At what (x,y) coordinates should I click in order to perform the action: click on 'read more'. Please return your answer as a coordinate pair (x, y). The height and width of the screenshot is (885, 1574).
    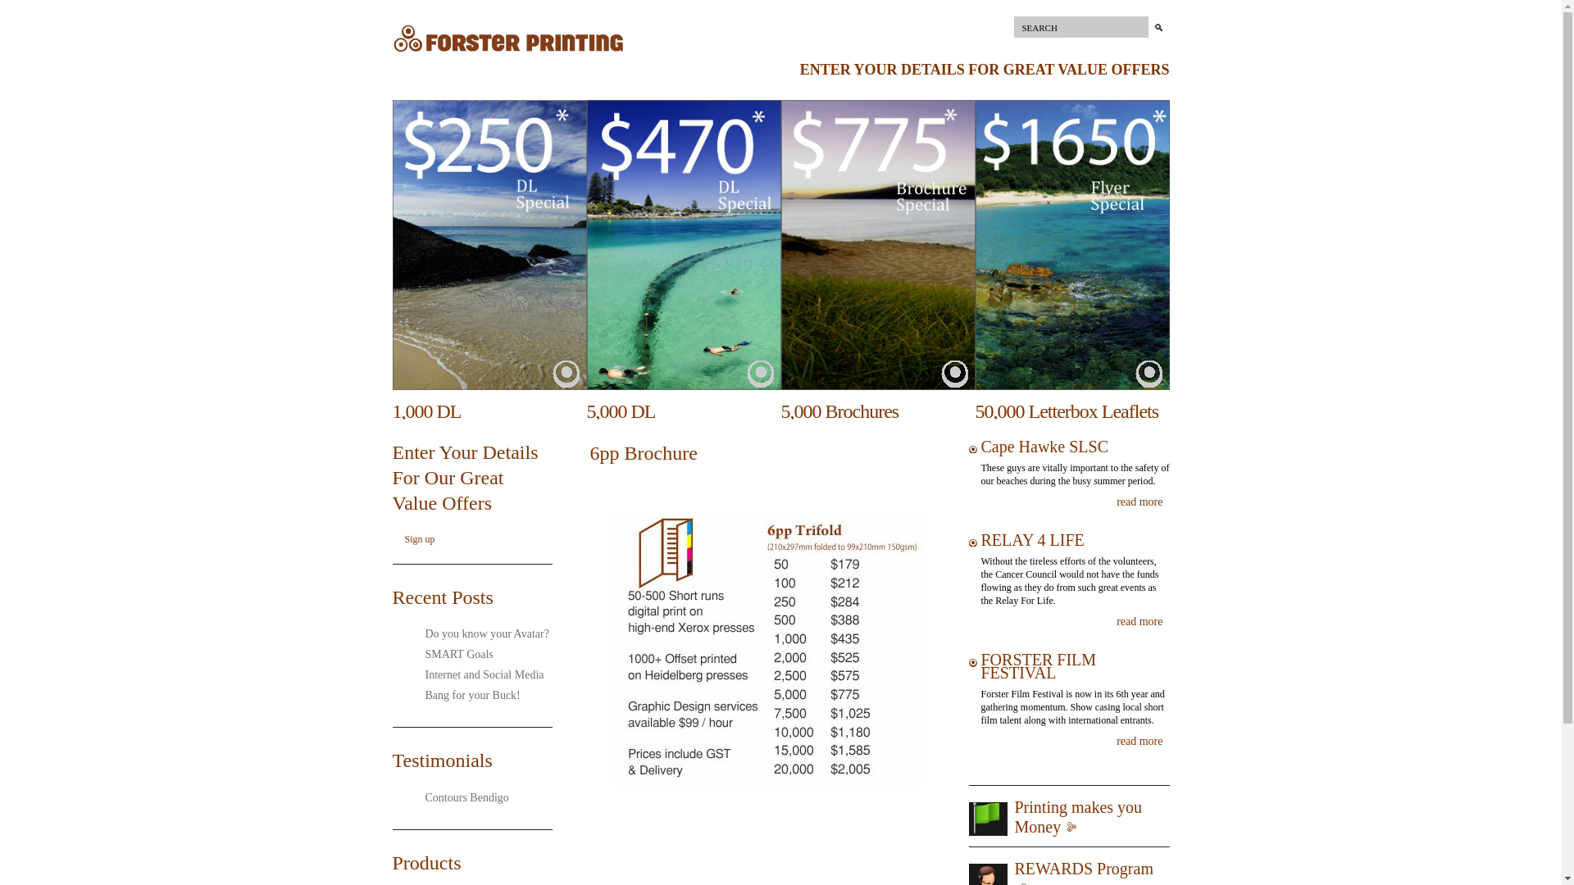
    Looking at the image, I should click on (1116, 501).